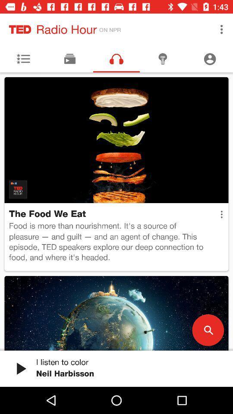  Describe the element at coordinates (221, 29) in the screenshot. I see `the icon next to the on npr icon` at that location.